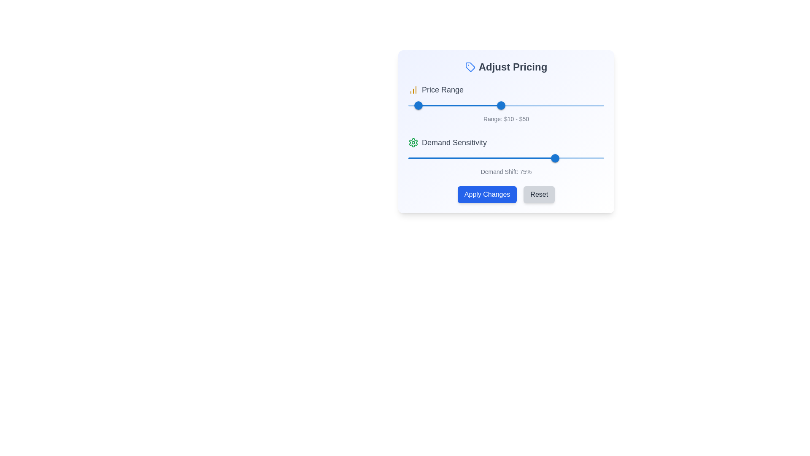  What do you see at coordinates (487, 195) in the screenshot?
I see `the 'Apply Changes' button located at the bottom of the 'Adjust Pricing' panel to confirm the changes made in the interface` at bounding box center [487, 195].